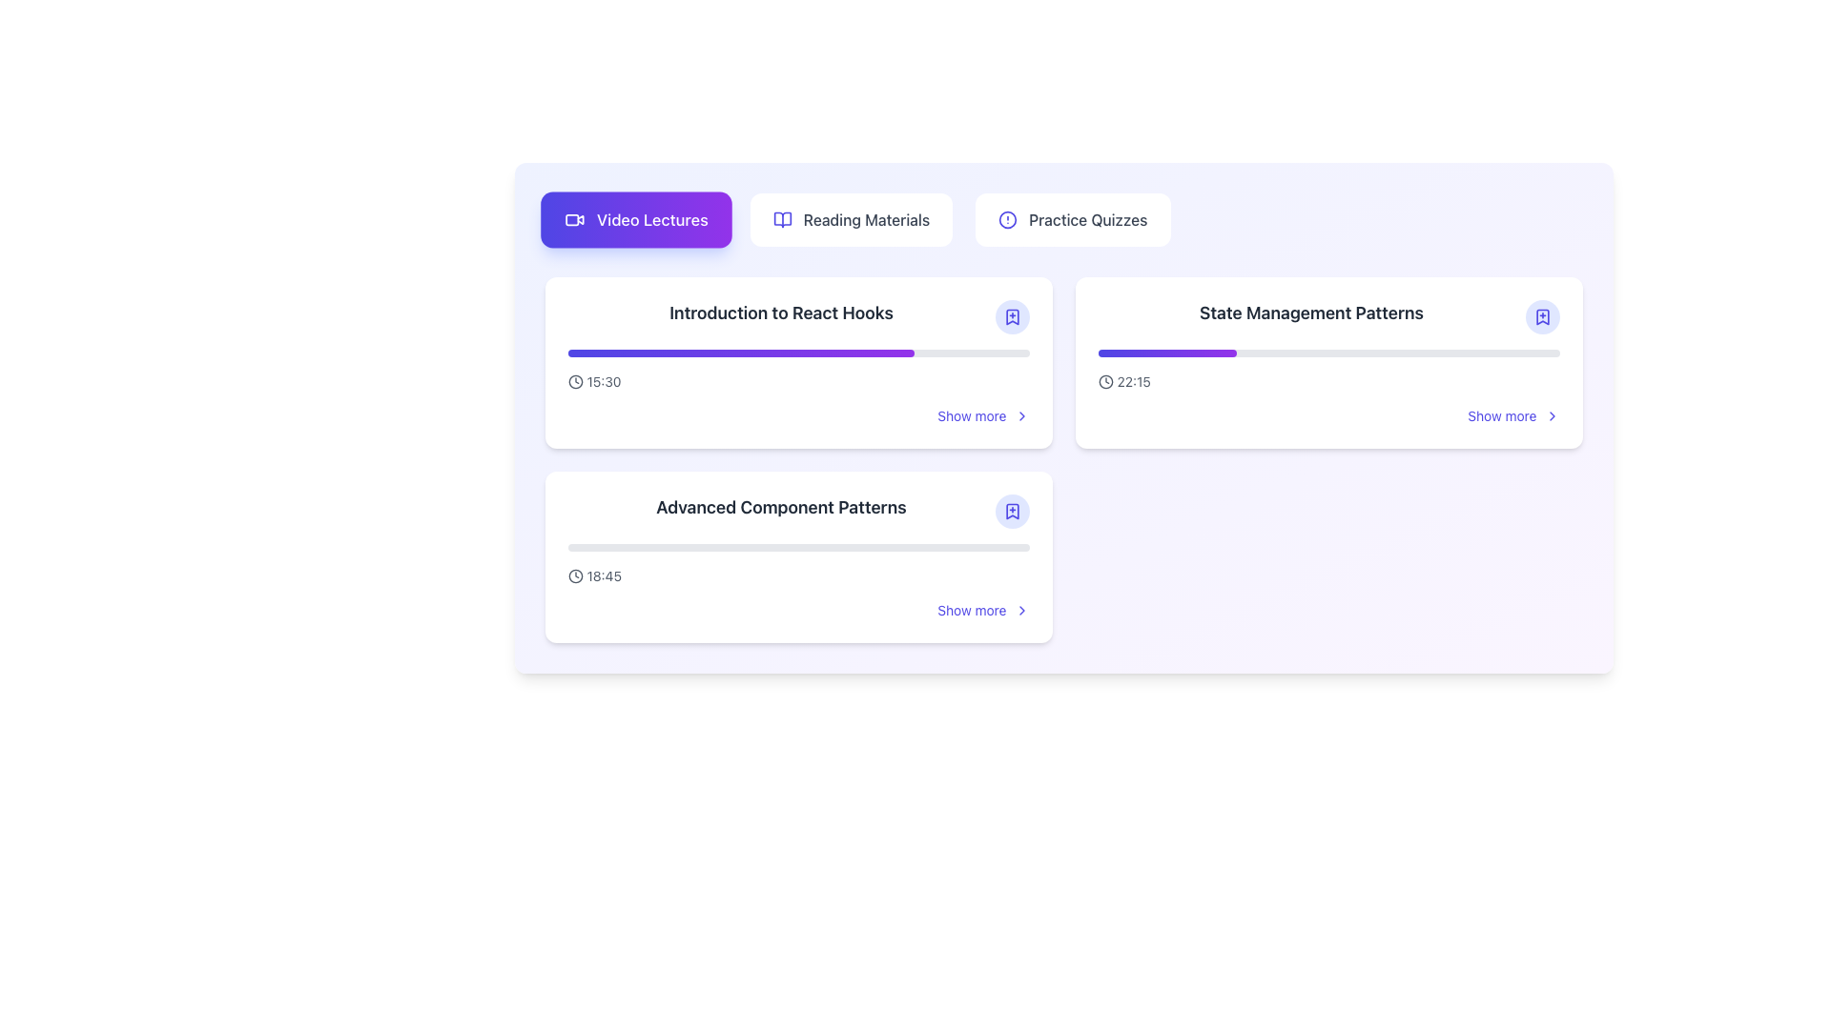  What do you see at coordinates (1327, 387) in the screenshot?
I see `the 'Show more' link located on the right side of the progress indicator in the 'State Management Patterns' card` at bounding box center [1327, 387].